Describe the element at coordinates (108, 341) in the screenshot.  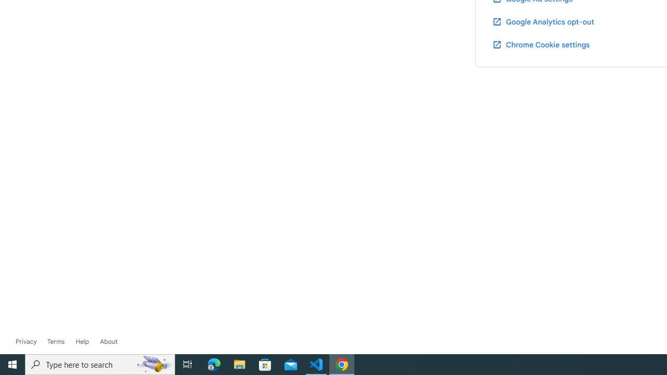
I see `'Learn more about Google Account'` at that location.